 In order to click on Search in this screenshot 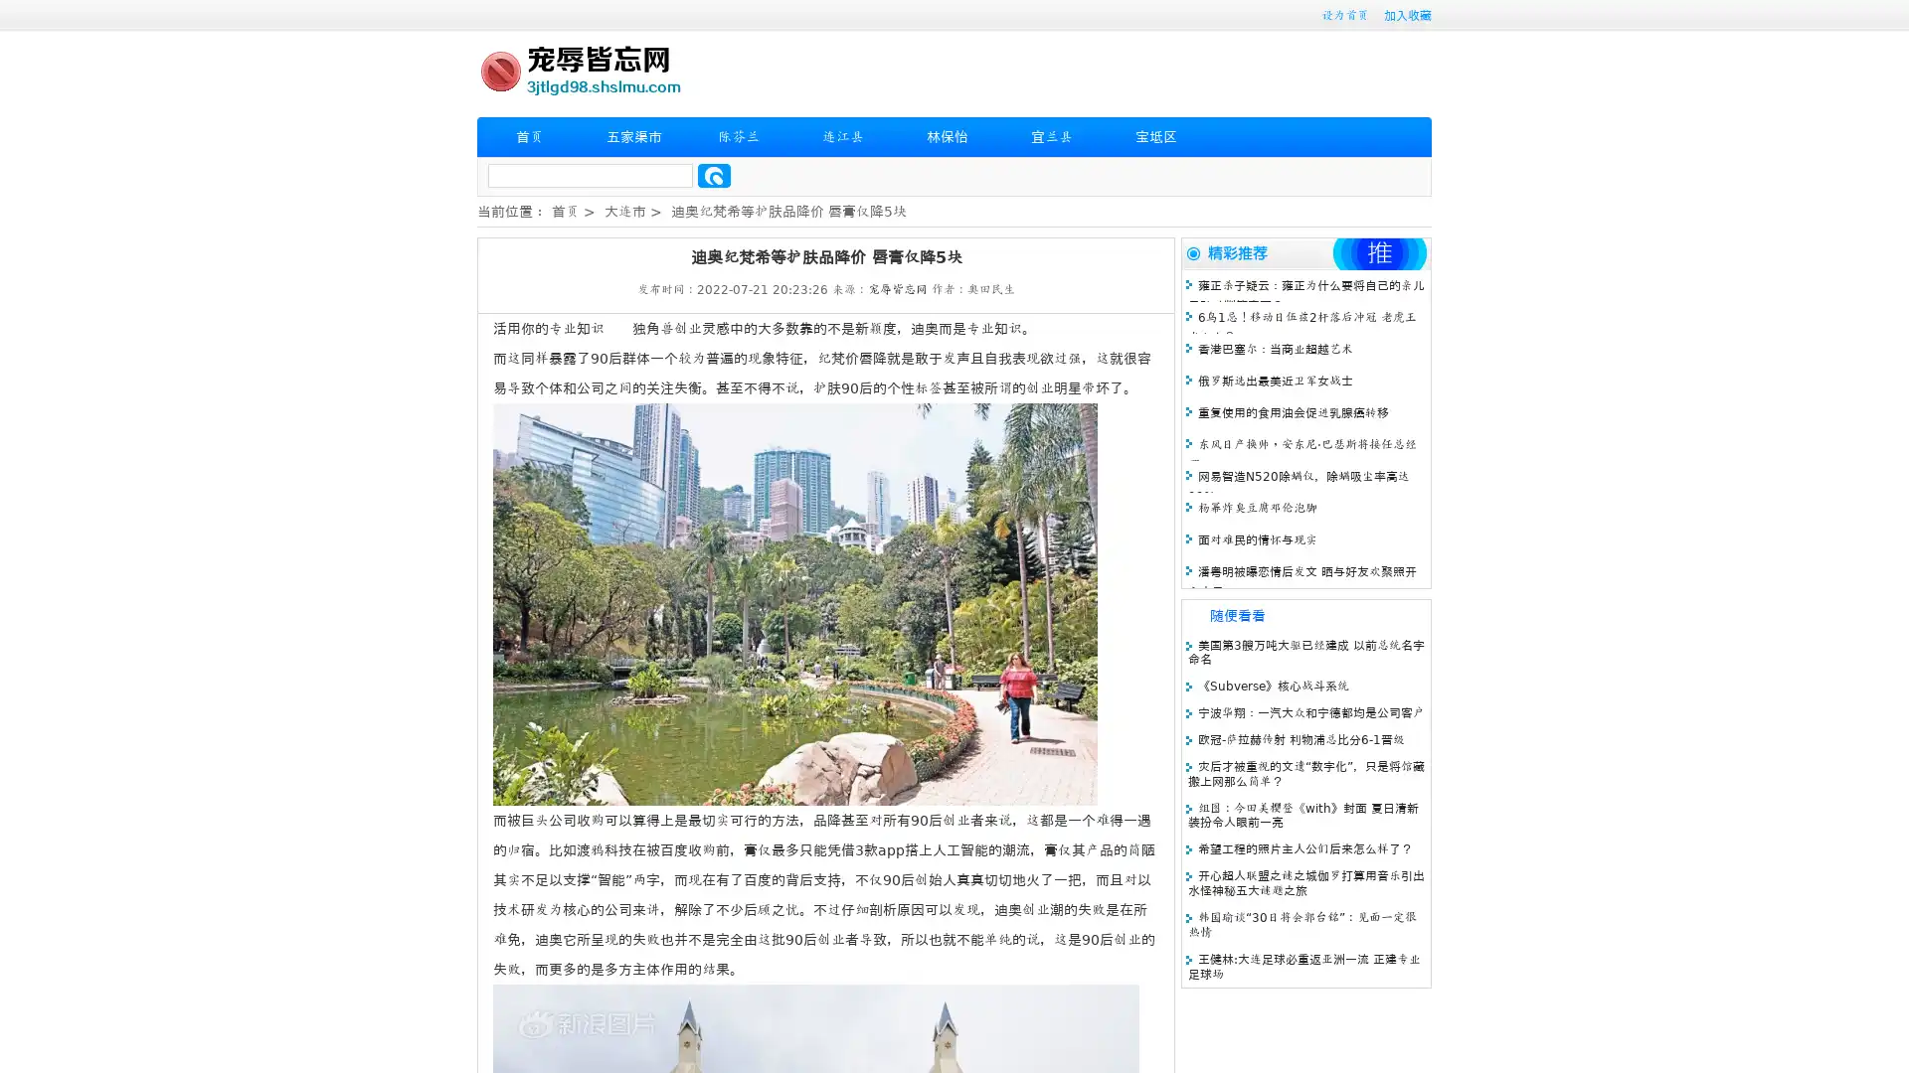, I will do `click(714, 175)`.